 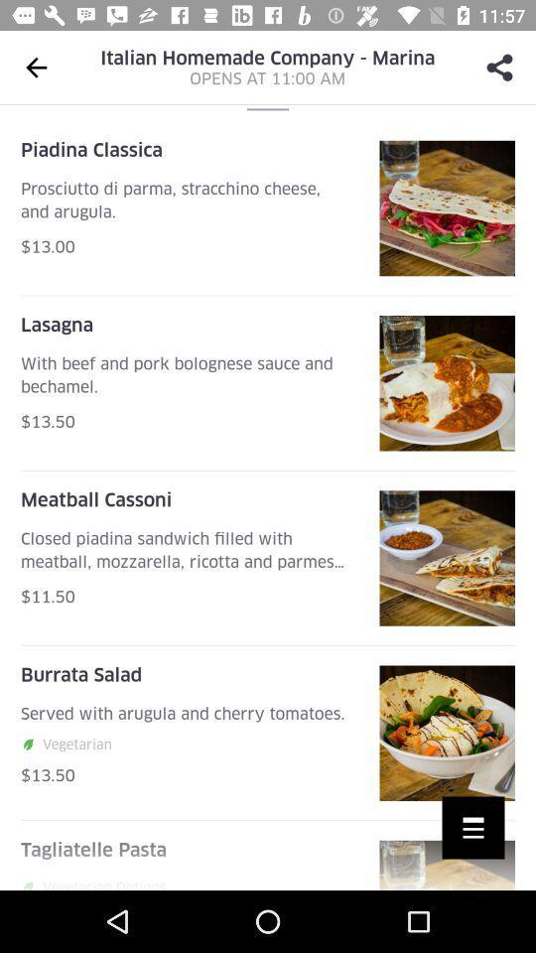 I want to click on take the image right to burrata salad, so click(x=448, y=733).